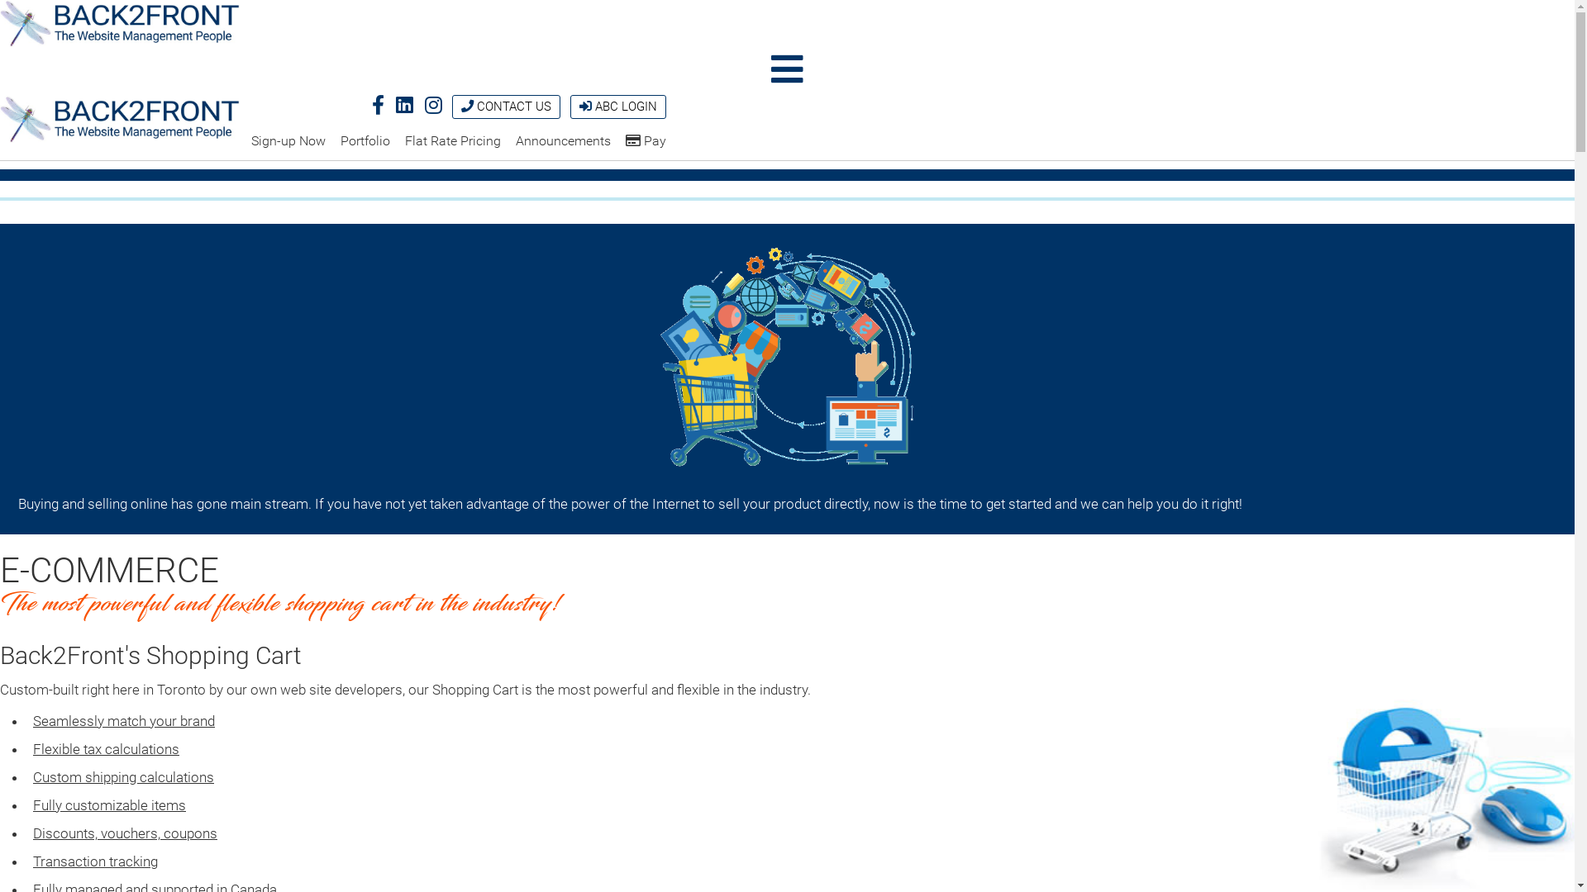 The width and height of the screenshot is (1587, 892). Describe the element at coordinates (122, 777) in the screenshot. I see `'Custom shipping calculations'` at that location.